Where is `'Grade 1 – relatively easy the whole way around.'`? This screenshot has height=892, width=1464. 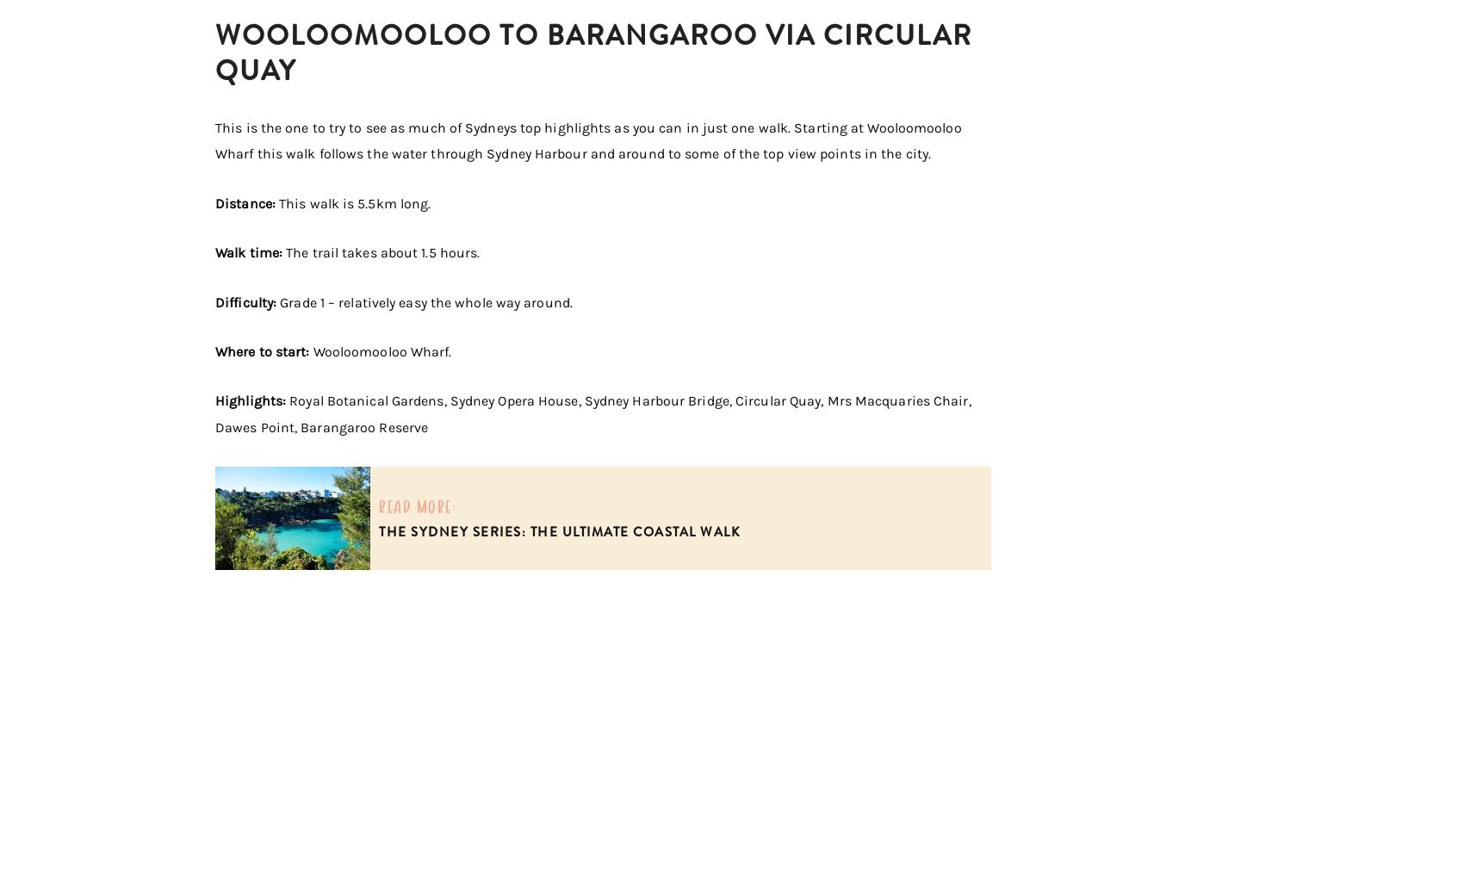
'Grade 1 – relatively easy the whole way around.' is located at coordinates (275, 301).